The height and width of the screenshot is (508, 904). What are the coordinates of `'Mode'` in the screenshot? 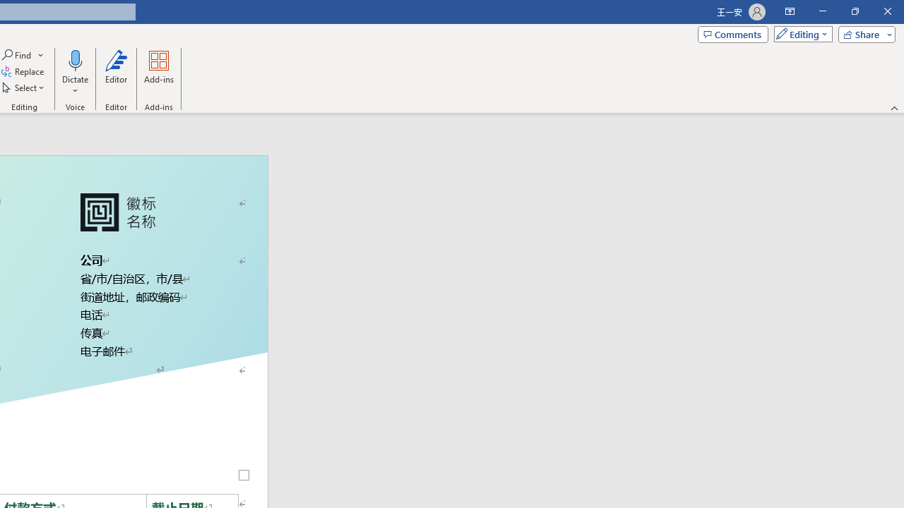 It's located at (800, 33).